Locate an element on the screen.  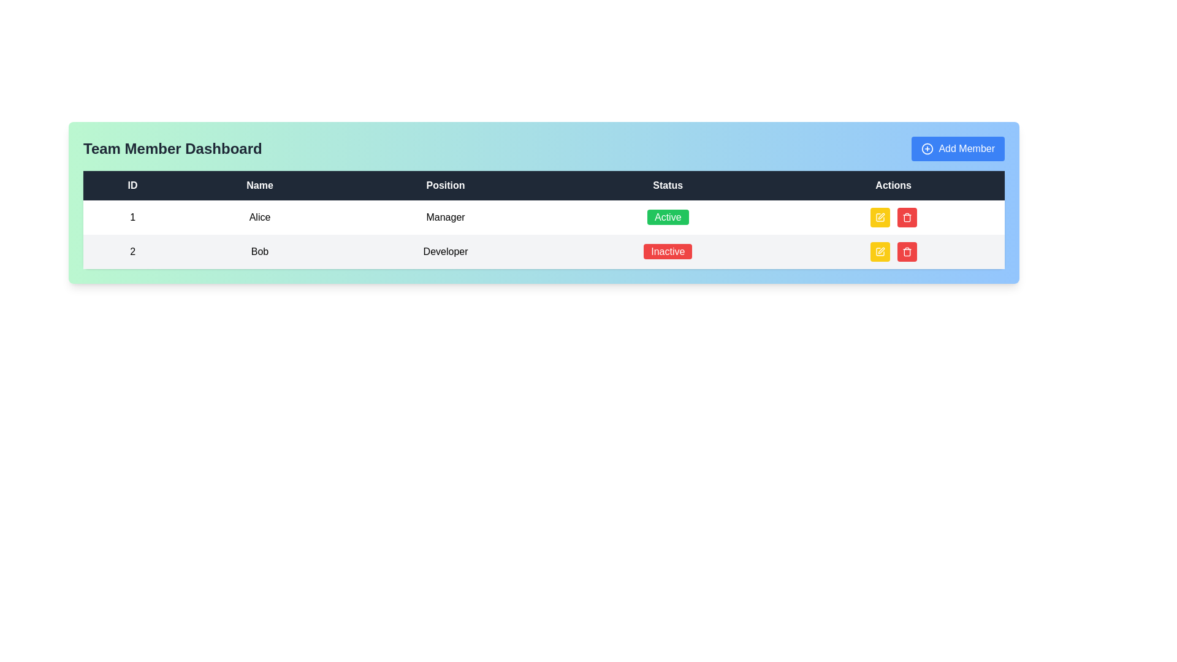
the 'Status' text label, which is the fourth header in the table layout, styled with a bold white font on a dark background, located between the 'Position' and 'Actions' headers is located at coordinates (667, 186).